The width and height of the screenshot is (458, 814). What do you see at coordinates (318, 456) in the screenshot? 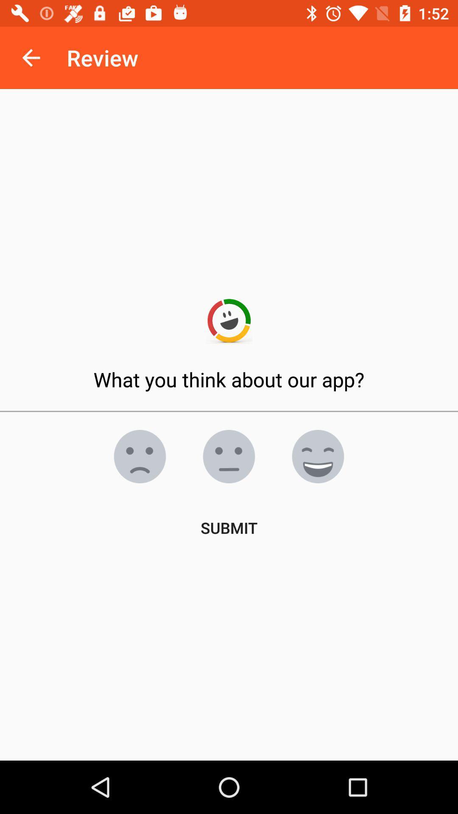
I see `the item on the right` at bounding box center [318, 456].